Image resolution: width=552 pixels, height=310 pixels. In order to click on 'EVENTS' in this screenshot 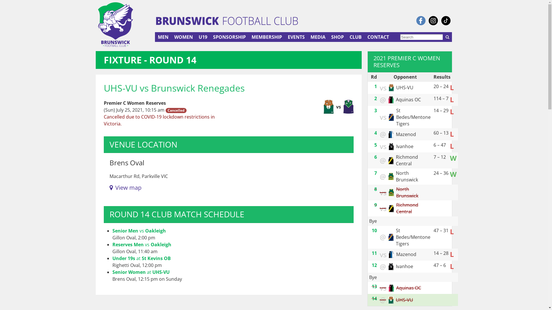, I will do `click(296, 37)`.